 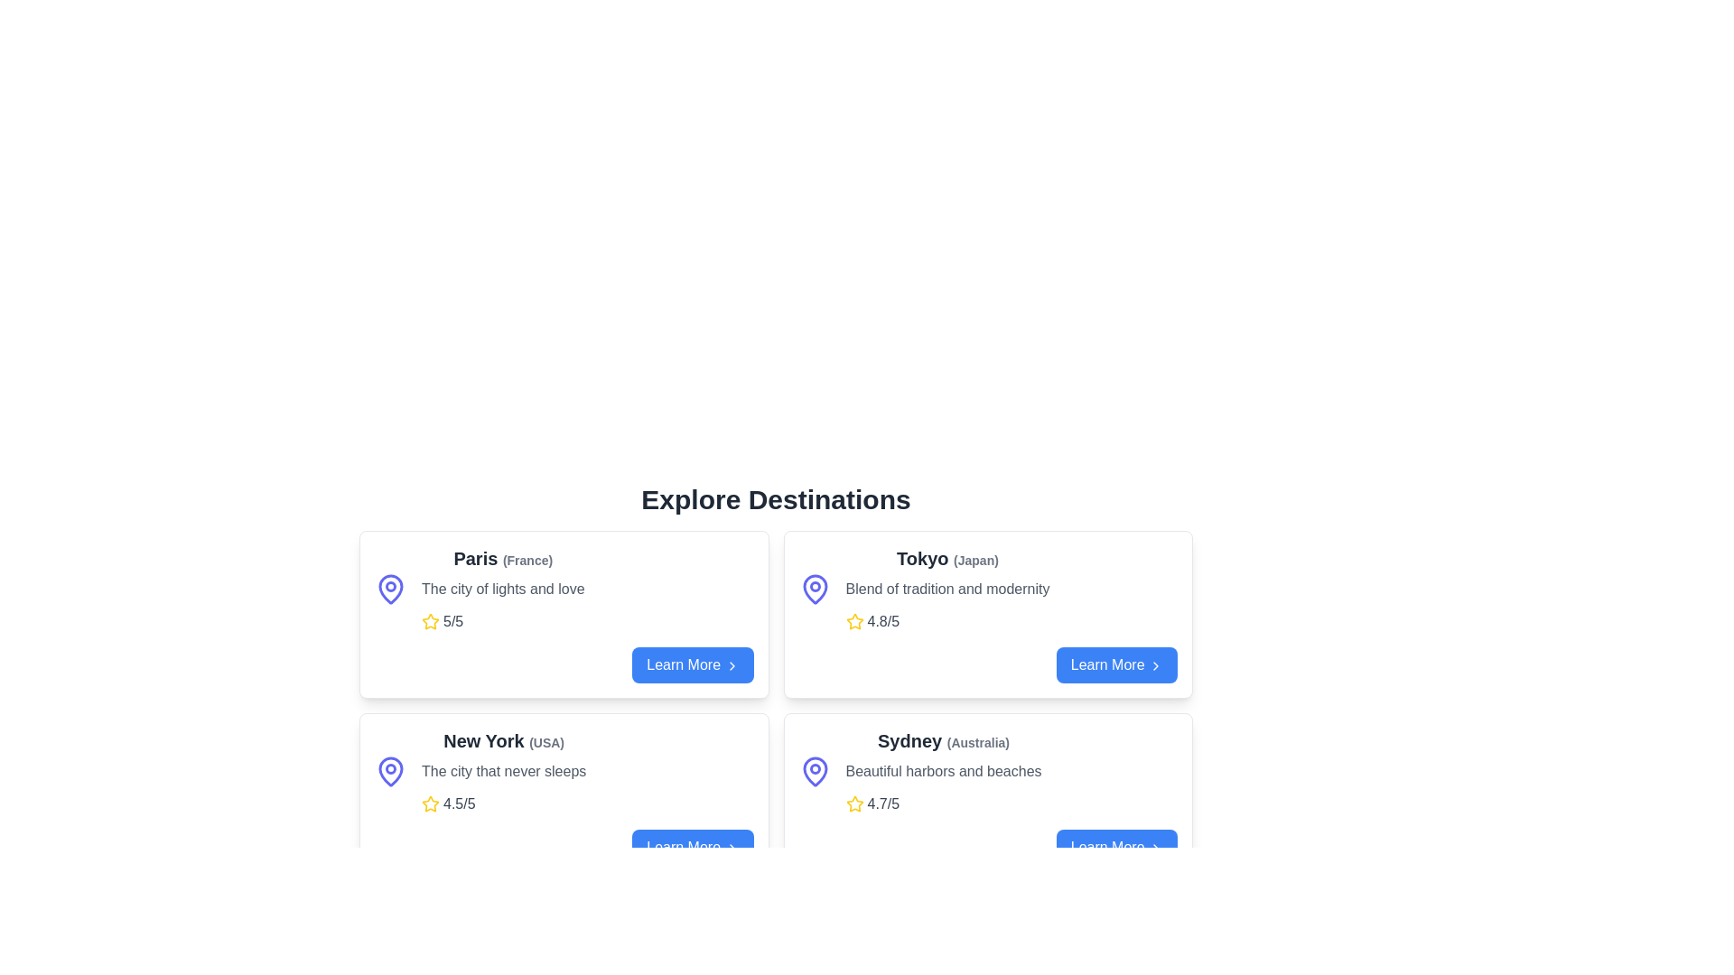 What do you see at coordinates (692, 847) in the screenshot?
I see `the blue 'Learn More' button with rounded corners located in the bottom right corner of the New York card` at bounding box center [692, 847].